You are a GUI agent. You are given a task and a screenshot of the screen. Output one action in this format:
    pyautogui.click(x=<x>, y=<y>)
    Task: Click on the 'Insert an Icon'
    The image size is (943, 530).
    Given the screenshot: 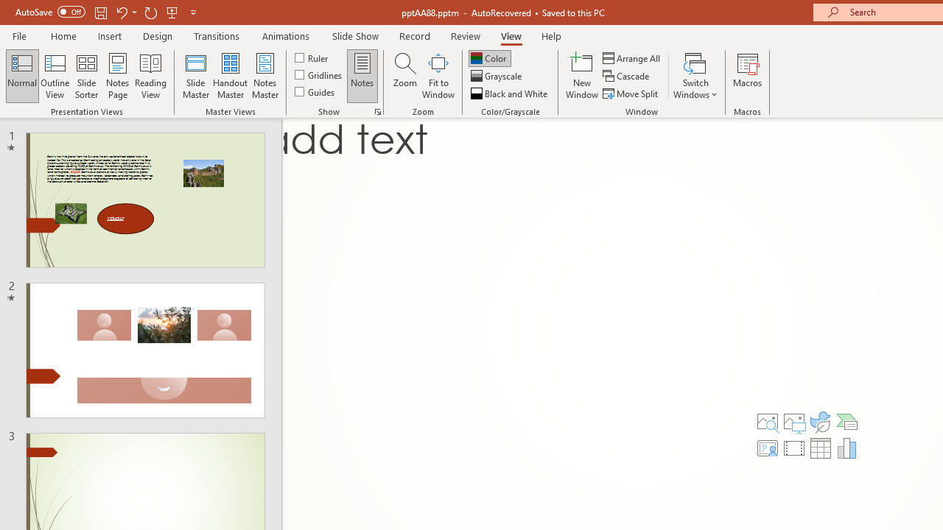 What is the action you would take?
    pyautogui.click(x=820, y=422)
    